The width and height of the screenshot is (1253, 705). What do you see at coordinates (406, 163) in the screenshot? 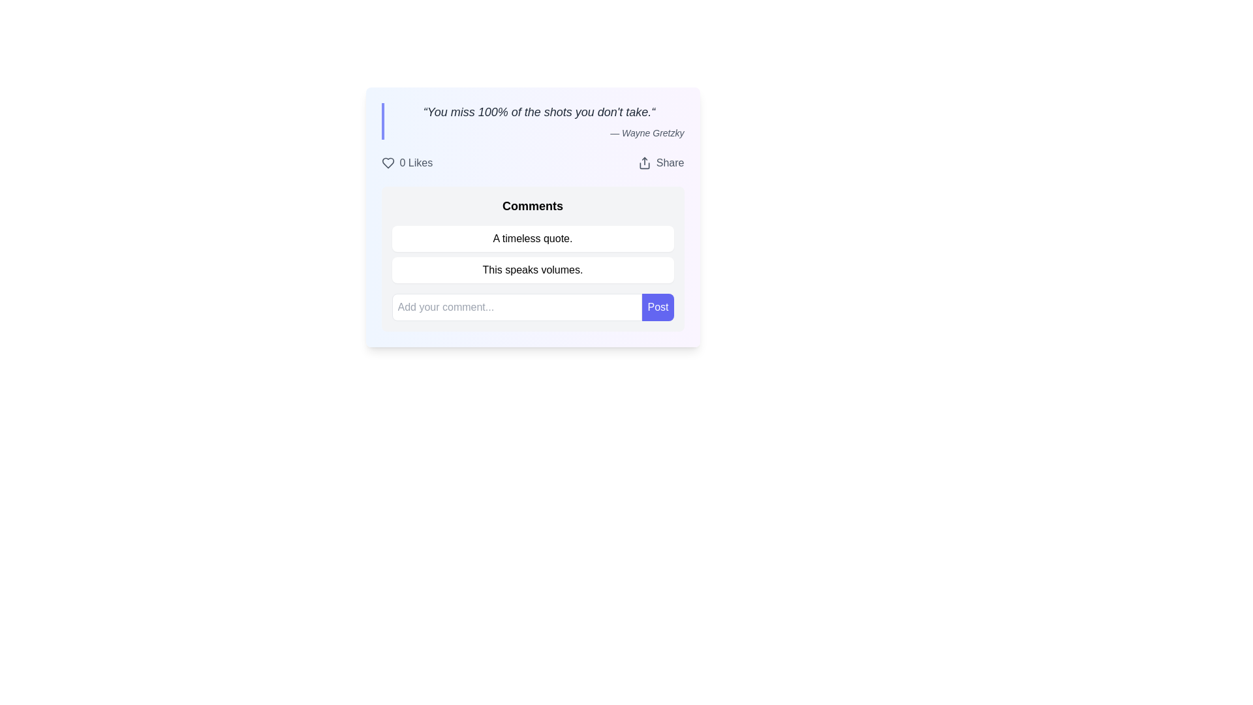
I see `the '0 Likes' button, which is styled in gray and features a heart icon to its left, to like the content` at bounding box center [406, 163].